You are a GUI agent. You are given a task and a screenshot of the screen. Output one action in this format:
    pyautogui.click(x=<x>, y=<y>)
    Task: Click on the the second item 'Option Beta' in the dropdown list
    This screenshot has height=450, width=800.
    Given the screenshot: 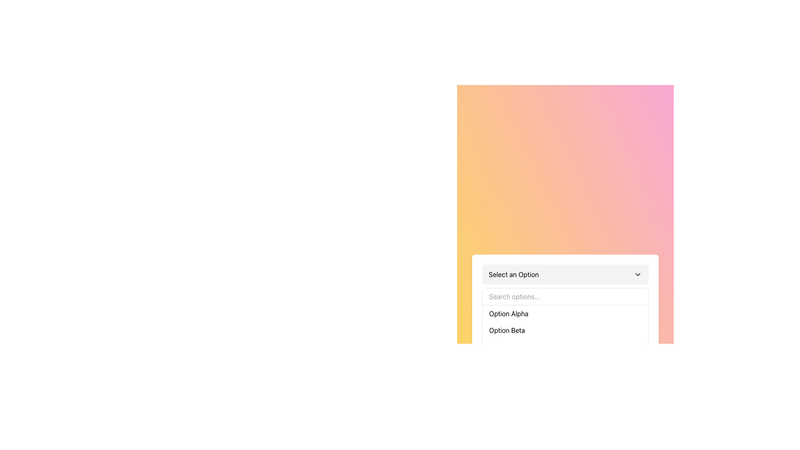 What is the action you would take?
    pyautogui.click(x=565, y=330)
    